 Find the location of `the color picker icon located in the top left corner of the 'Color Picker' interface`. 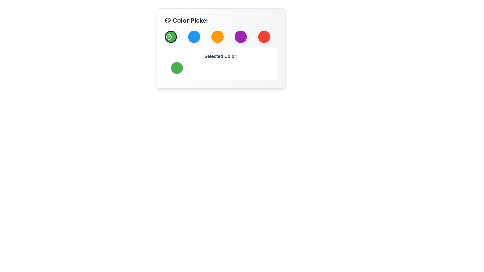

the color picker icon located in the top left corner of the 'Color Picker' interface is located at coordinates (168, 20).